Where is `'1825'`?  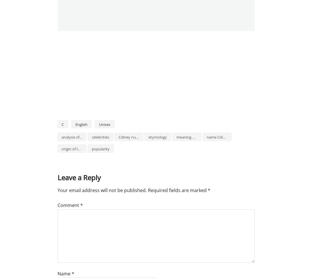 '1825' is located at coordinates (111, 126).